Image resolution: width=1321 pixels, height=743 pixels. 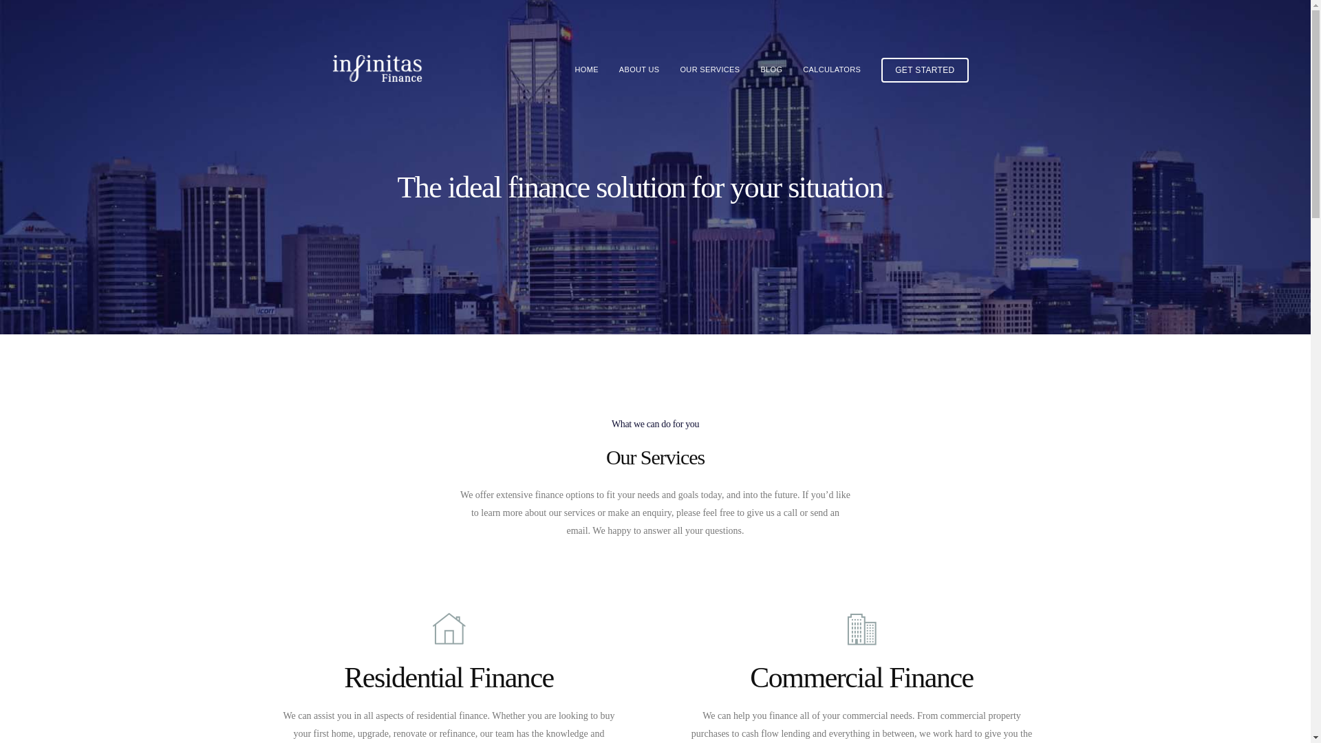 What do you see at coordinates (586, 69) in the screenshot?
I see `'HOME'` at bounding box center [586, 69].